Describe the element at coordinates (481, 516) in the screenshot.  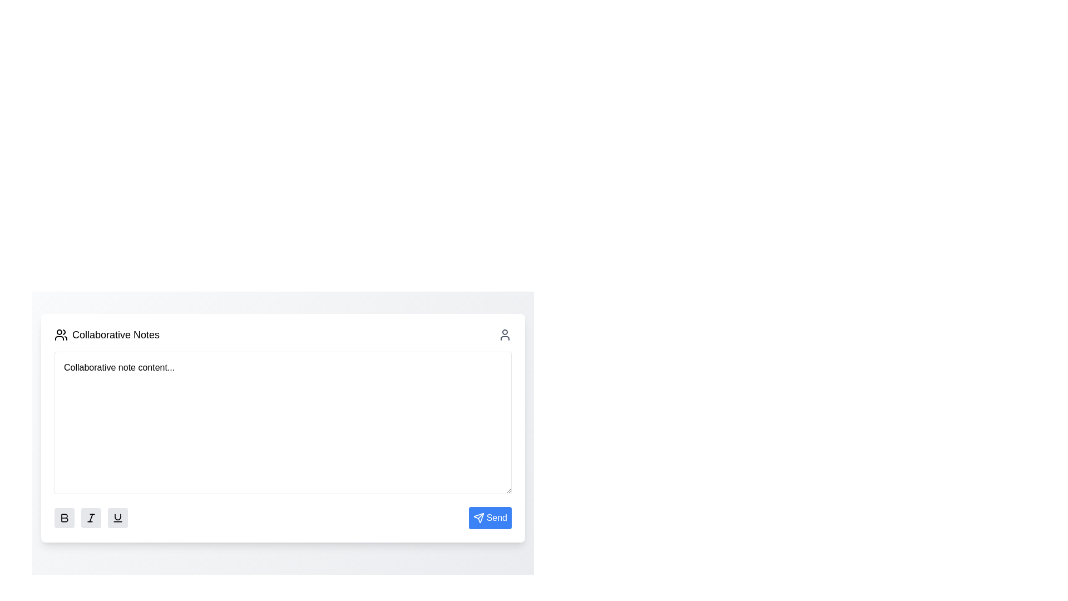
I see `the vector line element that represents a 'send' action, located on the bottom-right corner adjacent to the 'Collaborative Notes' text input area` at that location.